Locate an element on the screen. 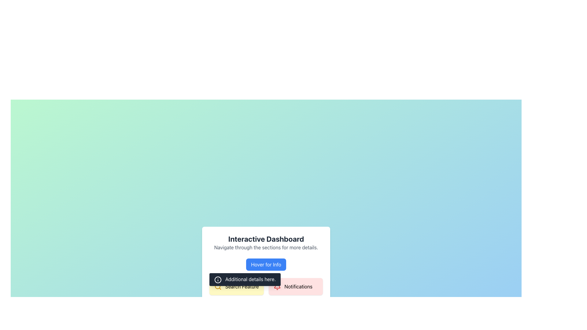  the text block styled in gray font that contains the phrase 'Navigate through the sections for more details.' located beneath the header 'Interactive Dashboard' is located at coordinates (266, 248).